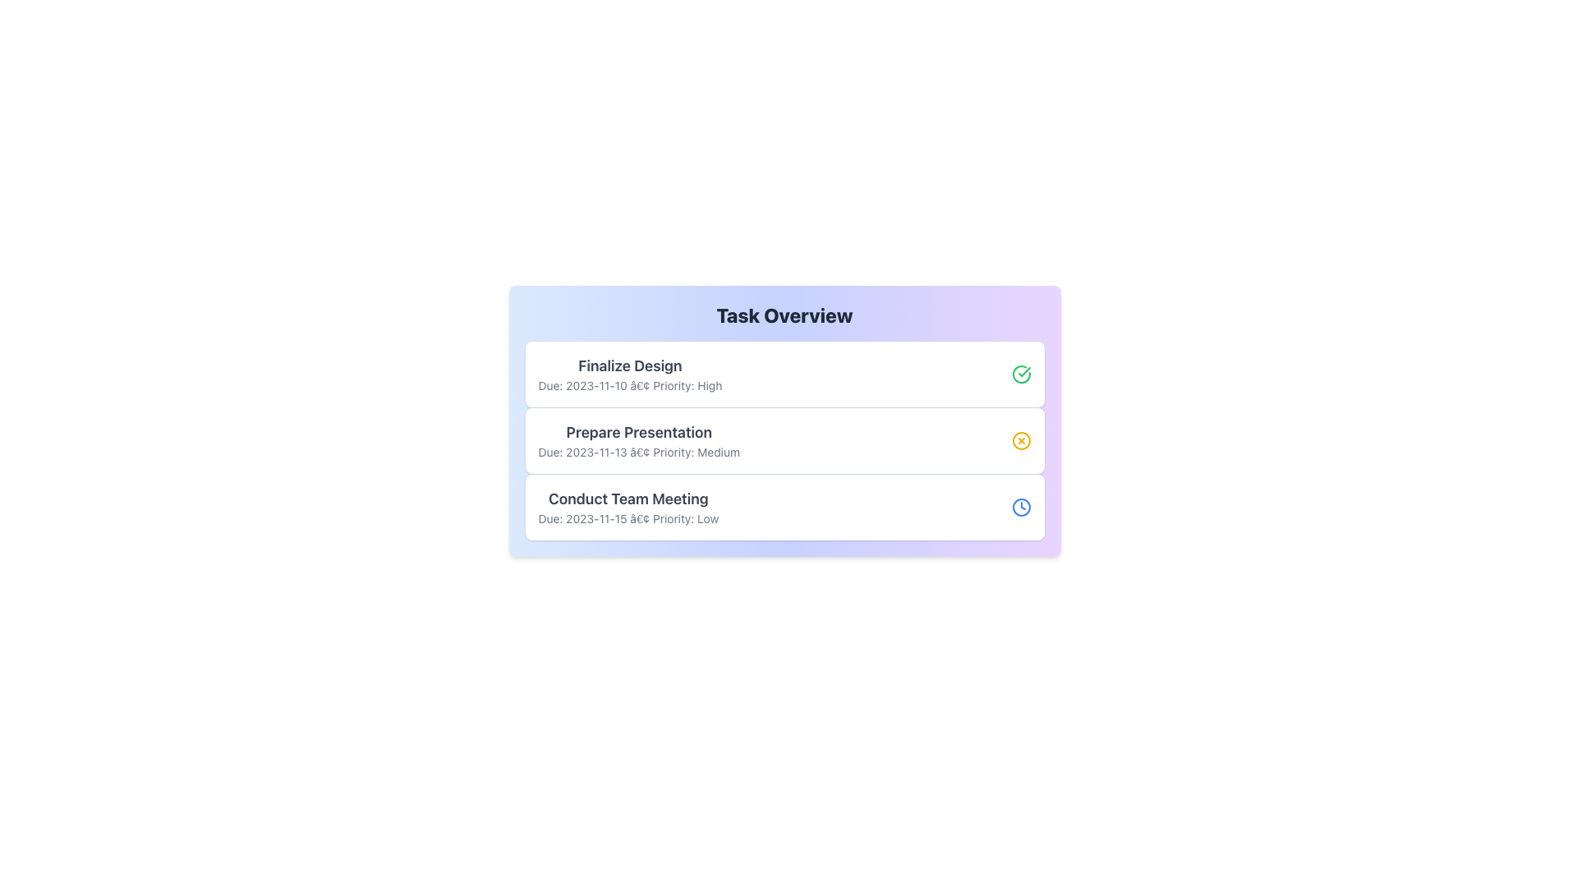 This screenshot has height=887, width=1577. I want to click on the list item containing the text 'Prepare Presentation' which is the second item in the task list, so click(638, 439).